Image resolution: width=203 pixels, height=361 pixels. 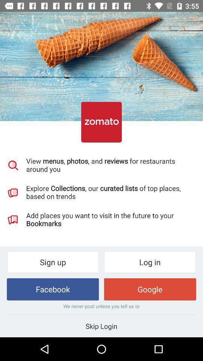 I want to click on the google item, so click(x=150, y=289).